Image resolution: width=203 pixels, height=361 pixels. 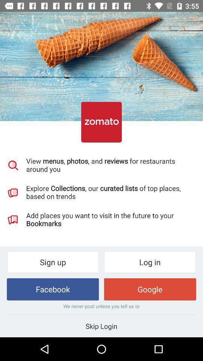 I want to click on the google item, so click(x=150, y=289).